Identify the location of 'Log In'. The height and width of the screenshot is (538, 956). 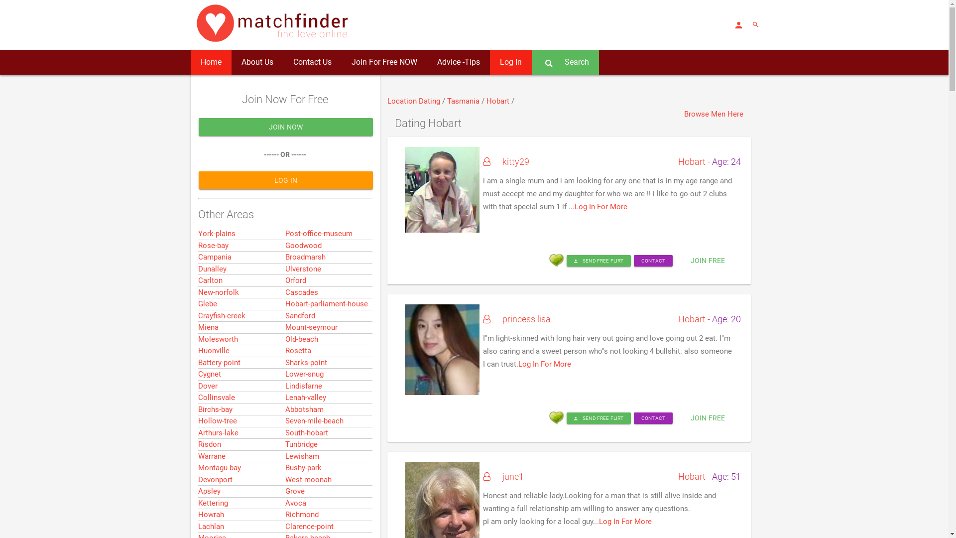
(511, 62).